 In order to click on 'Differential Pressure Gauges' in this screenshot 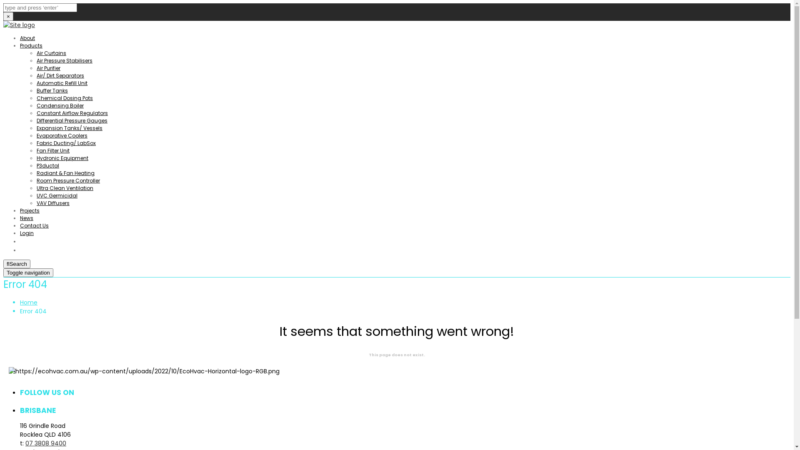, I will do `click(72, 120)`.